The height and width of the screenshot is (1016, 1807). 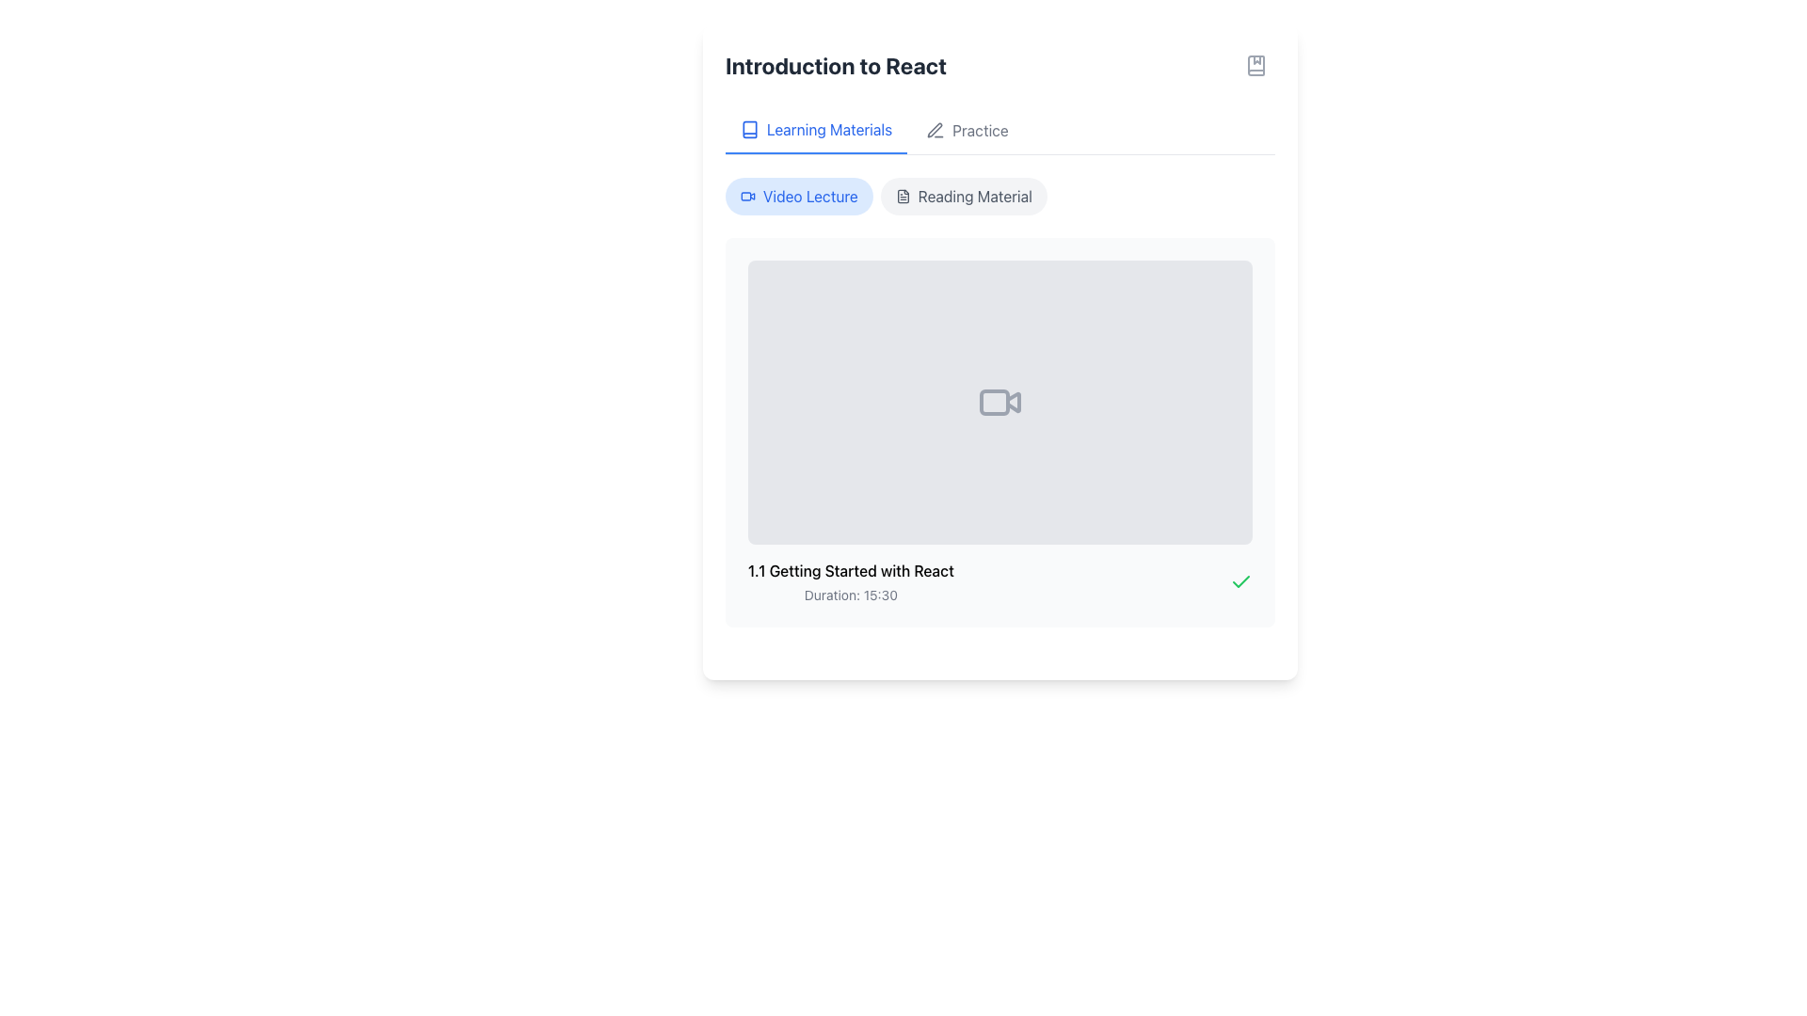 What do you see at coordinates (964, 196) in the screenshot?
I see `the second button from the left, which serves as a toggle or navigation button for accessing reading materials, to focus it` at bounding box center [964, 196].